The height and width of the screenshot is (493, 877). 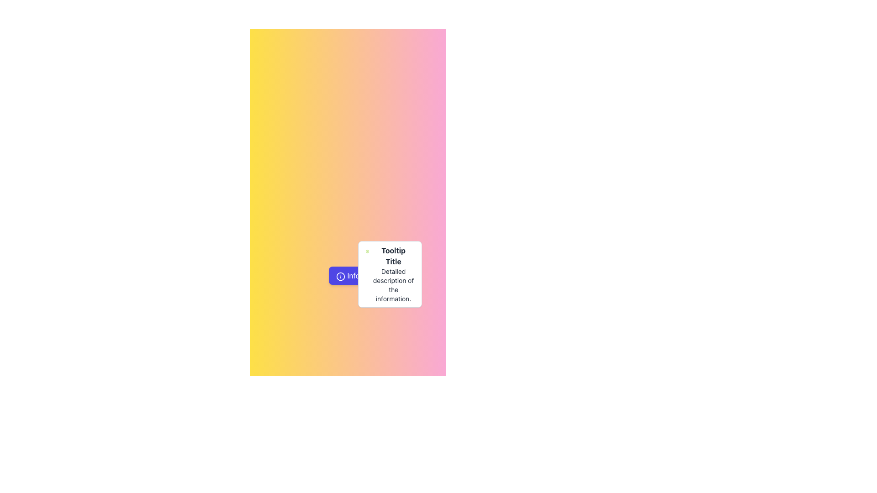 I want to click on the circular information icon located inside the indigo 'Info' button, which triggers tooltips for additional help or guidance, so click(x=340, y=276).